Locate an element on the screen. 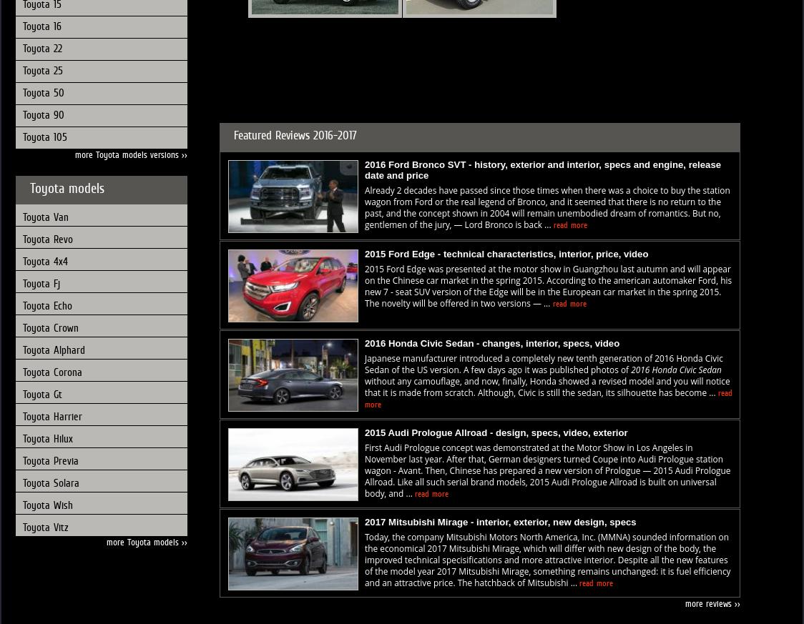 The width and height of the screenshot is (804, 624). 'Toyota Wish' is located at coordinates (22, 505).